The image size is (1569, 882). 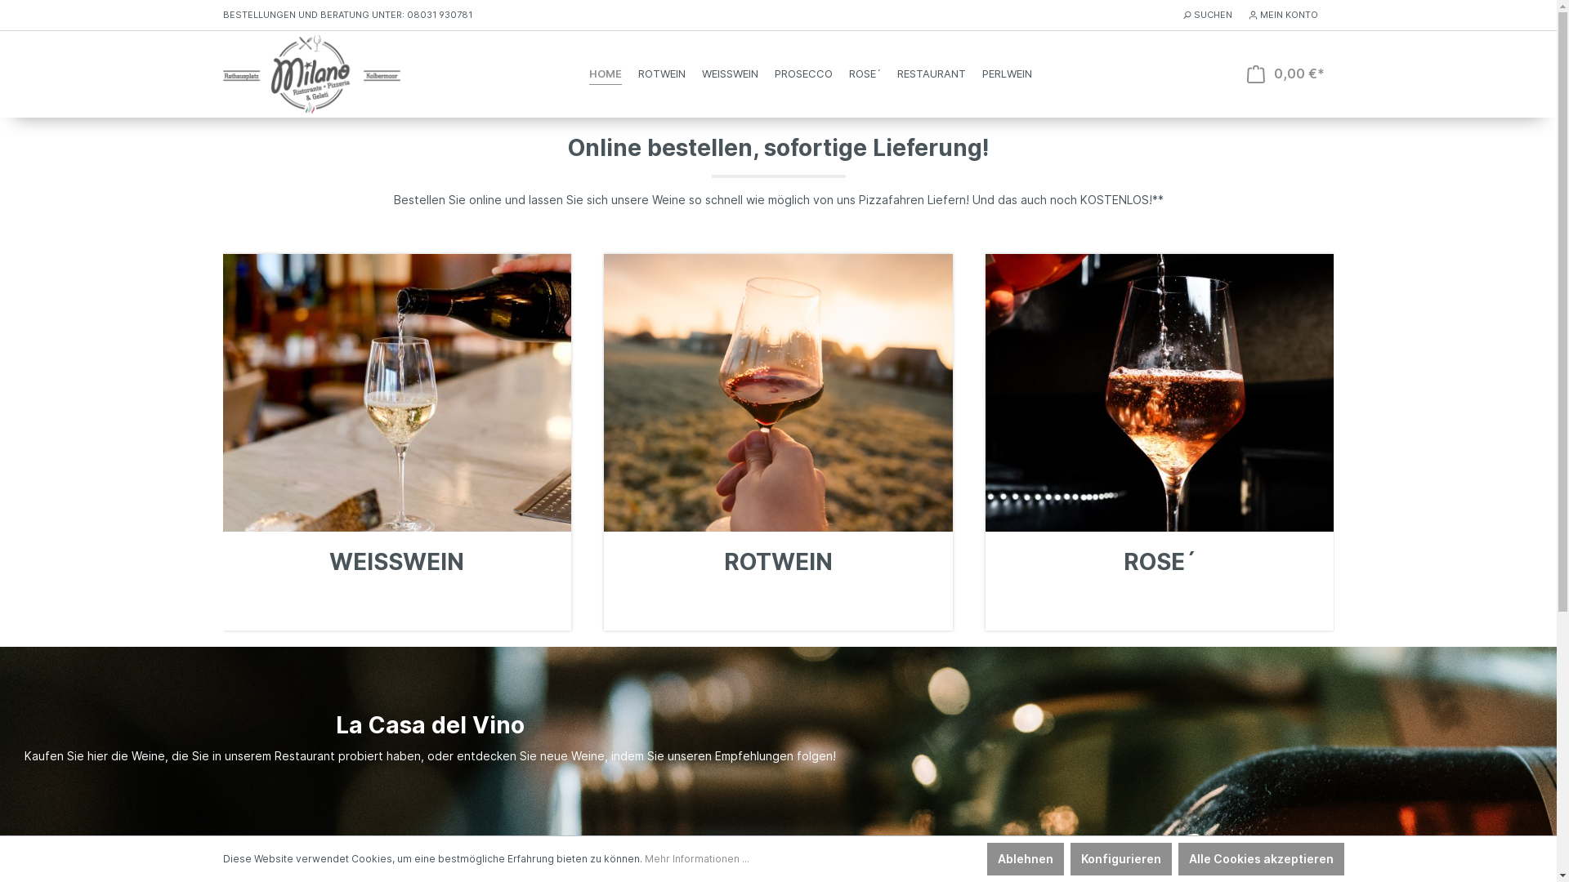 What do you see at coordinates (695, 858) in the screenshot?
I see `'Mehr Informationen ...'` at bounding box center [695, 858].